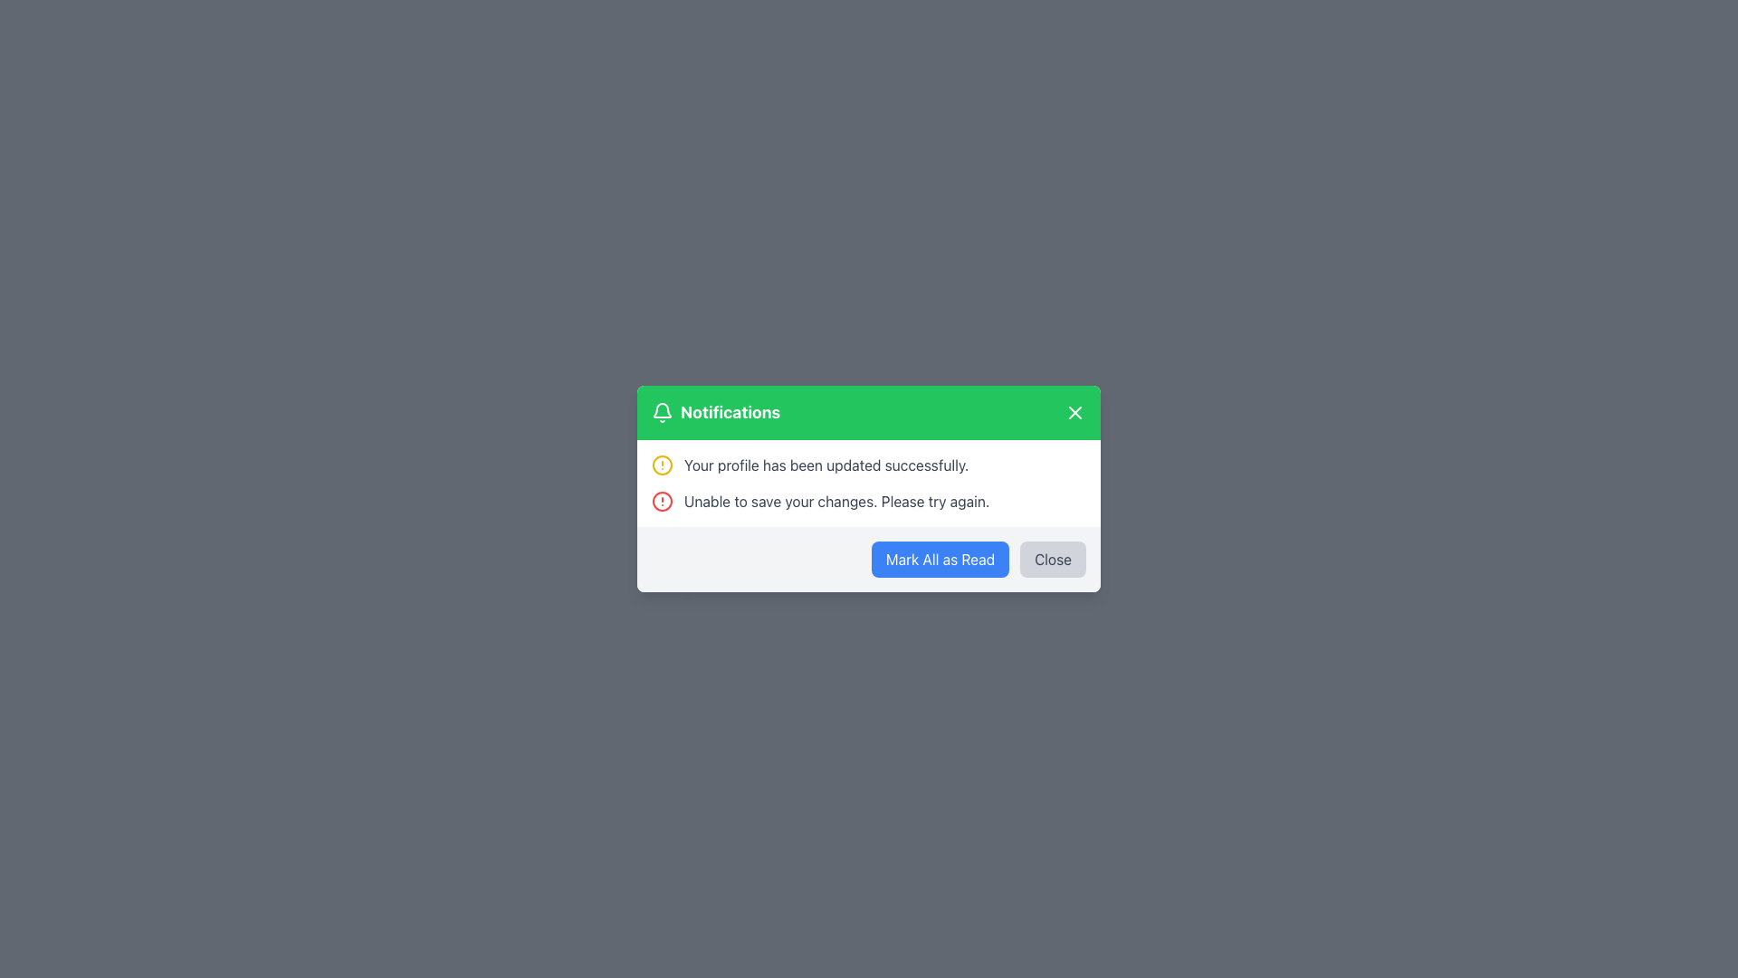 This screenshot has width=1738, height=978. Describe the element at coordinates (661, 412) in the screenshot. I see `the bell icon located at the far left of the header area of the notification card, preceding the text label 'Notifications'` at that location.